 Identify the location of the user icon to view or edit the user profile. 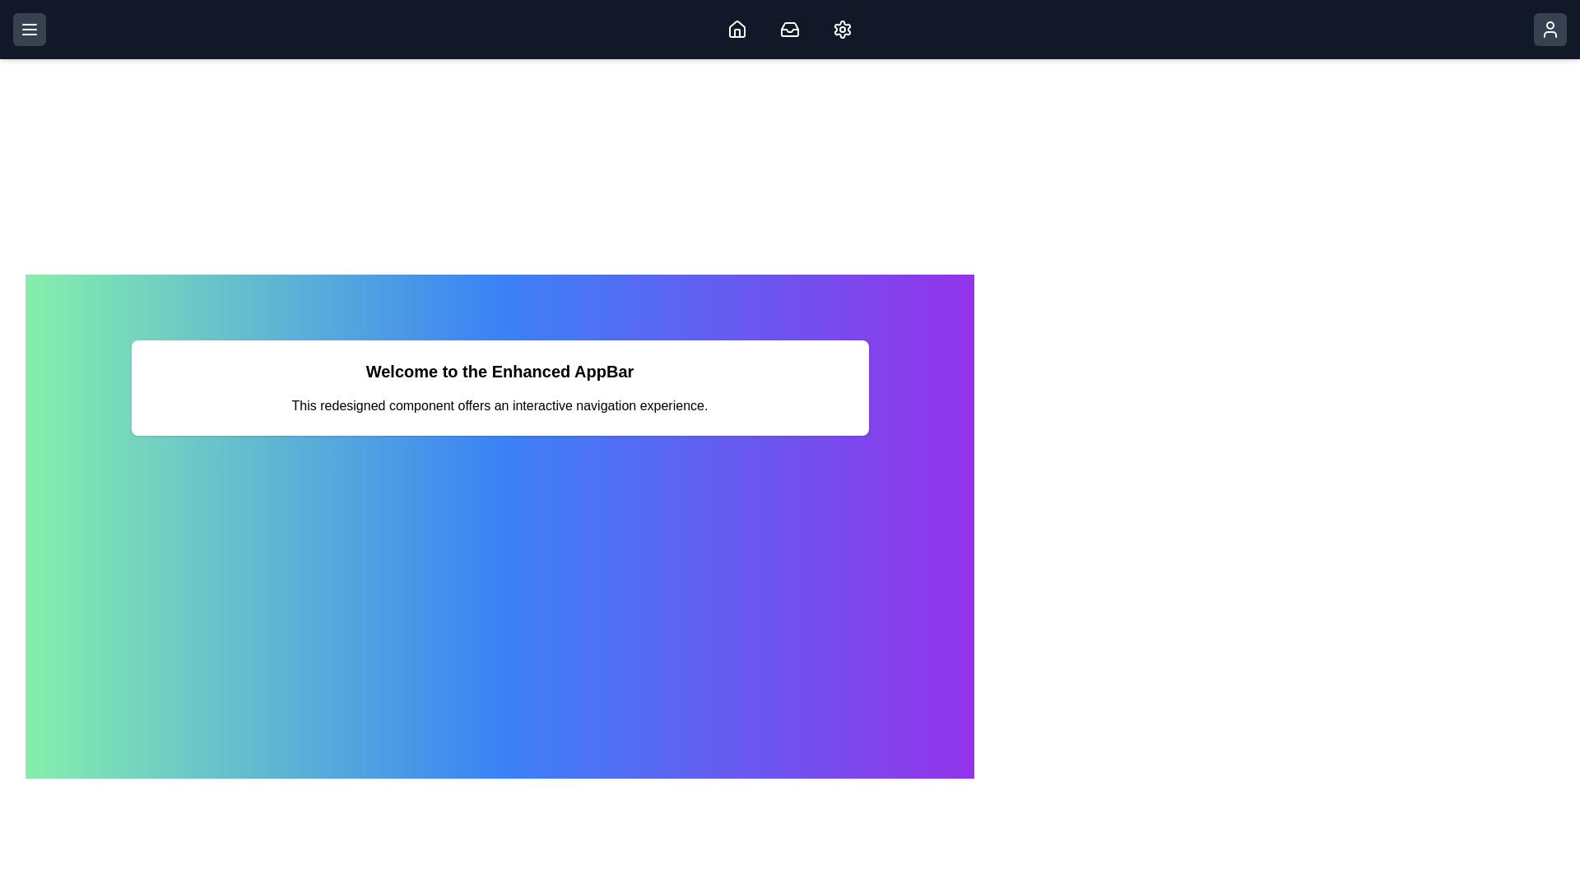
(1549, 29).